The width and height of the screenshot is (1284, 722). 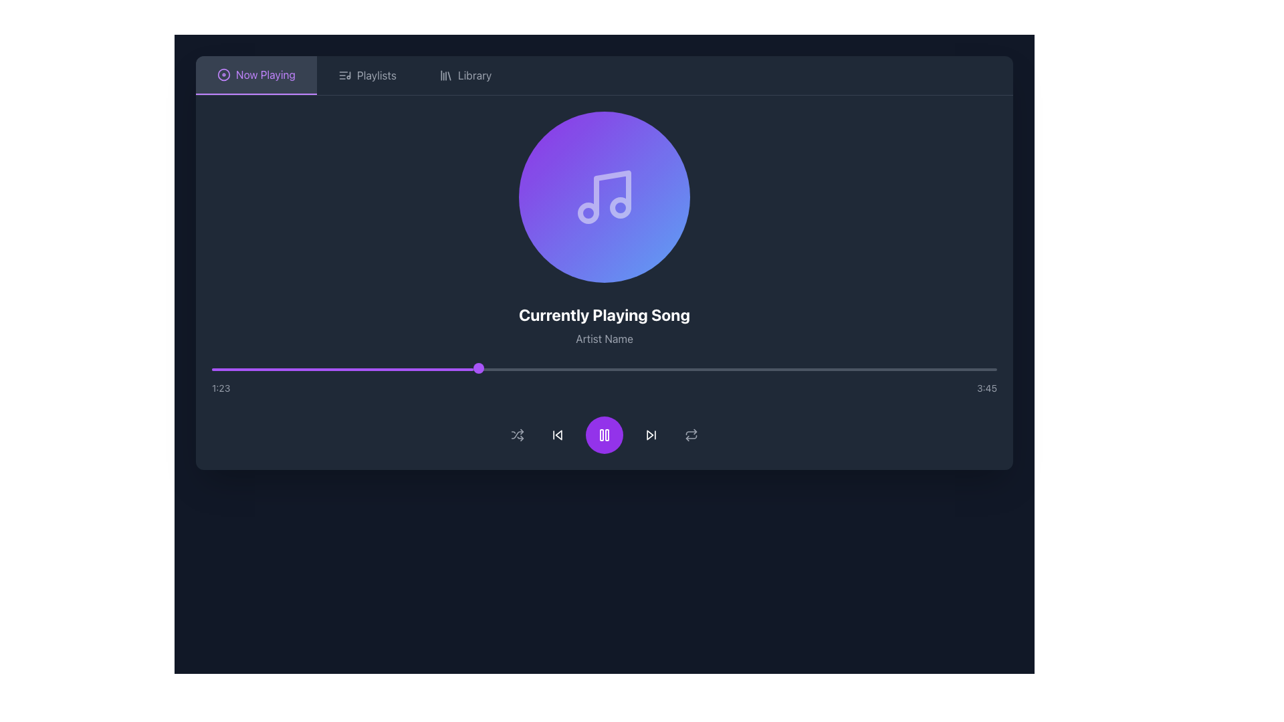 What do you see at coordinates (224, 74) in the screenshot?
I see `the graphical circle component that visually enhances the media playback feature adjacent to the 'Now Playing' text in the header navigation bar` at bounding box center [224, 74].